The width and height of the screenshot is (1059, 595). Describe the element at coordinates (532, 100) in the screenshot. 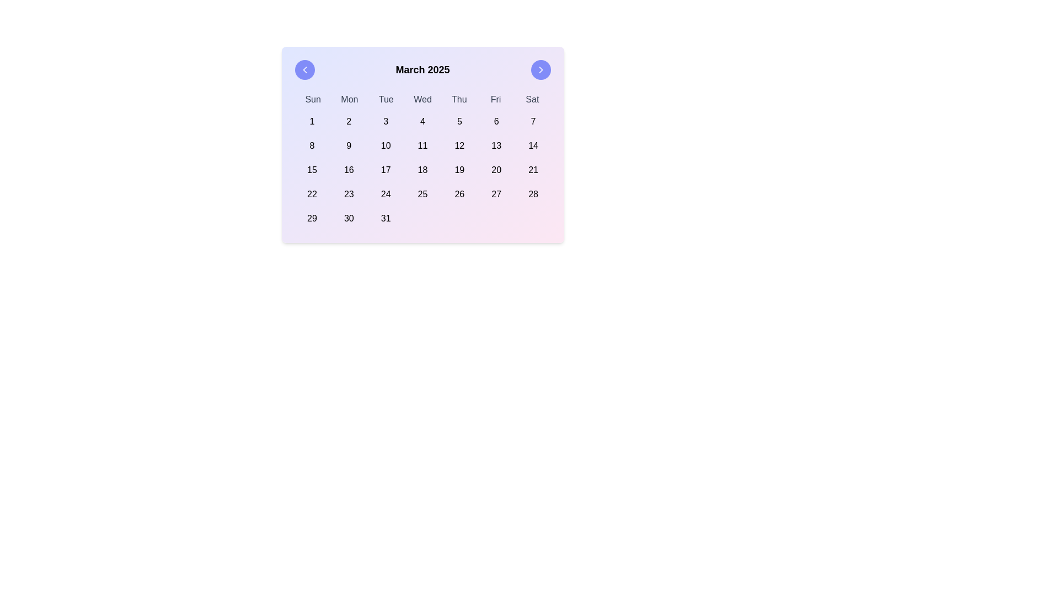

I see `the 'Sat' Label, which is the seventh day header in a grid layout at the top of the calendar interface` at that location.